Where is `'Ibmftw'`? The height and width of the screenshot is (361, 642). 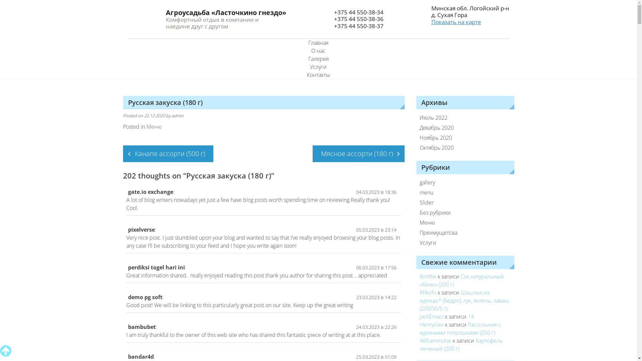
'Ibmftw' is located at coordinates (428, 276).